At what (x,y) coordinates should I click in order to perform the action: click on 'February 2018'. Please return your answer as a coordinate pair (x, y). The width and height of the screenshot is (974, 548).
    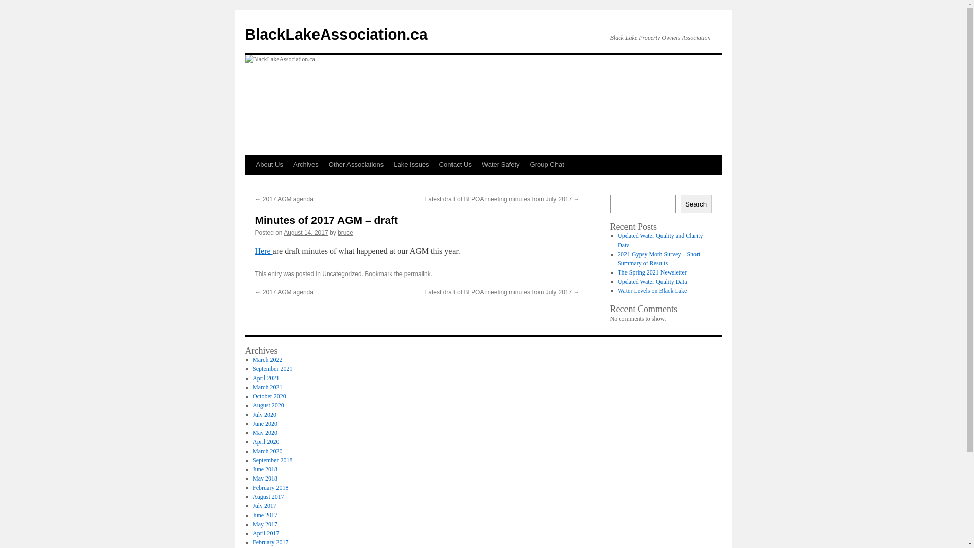
    Looking at the image, I should click on (270, 487).